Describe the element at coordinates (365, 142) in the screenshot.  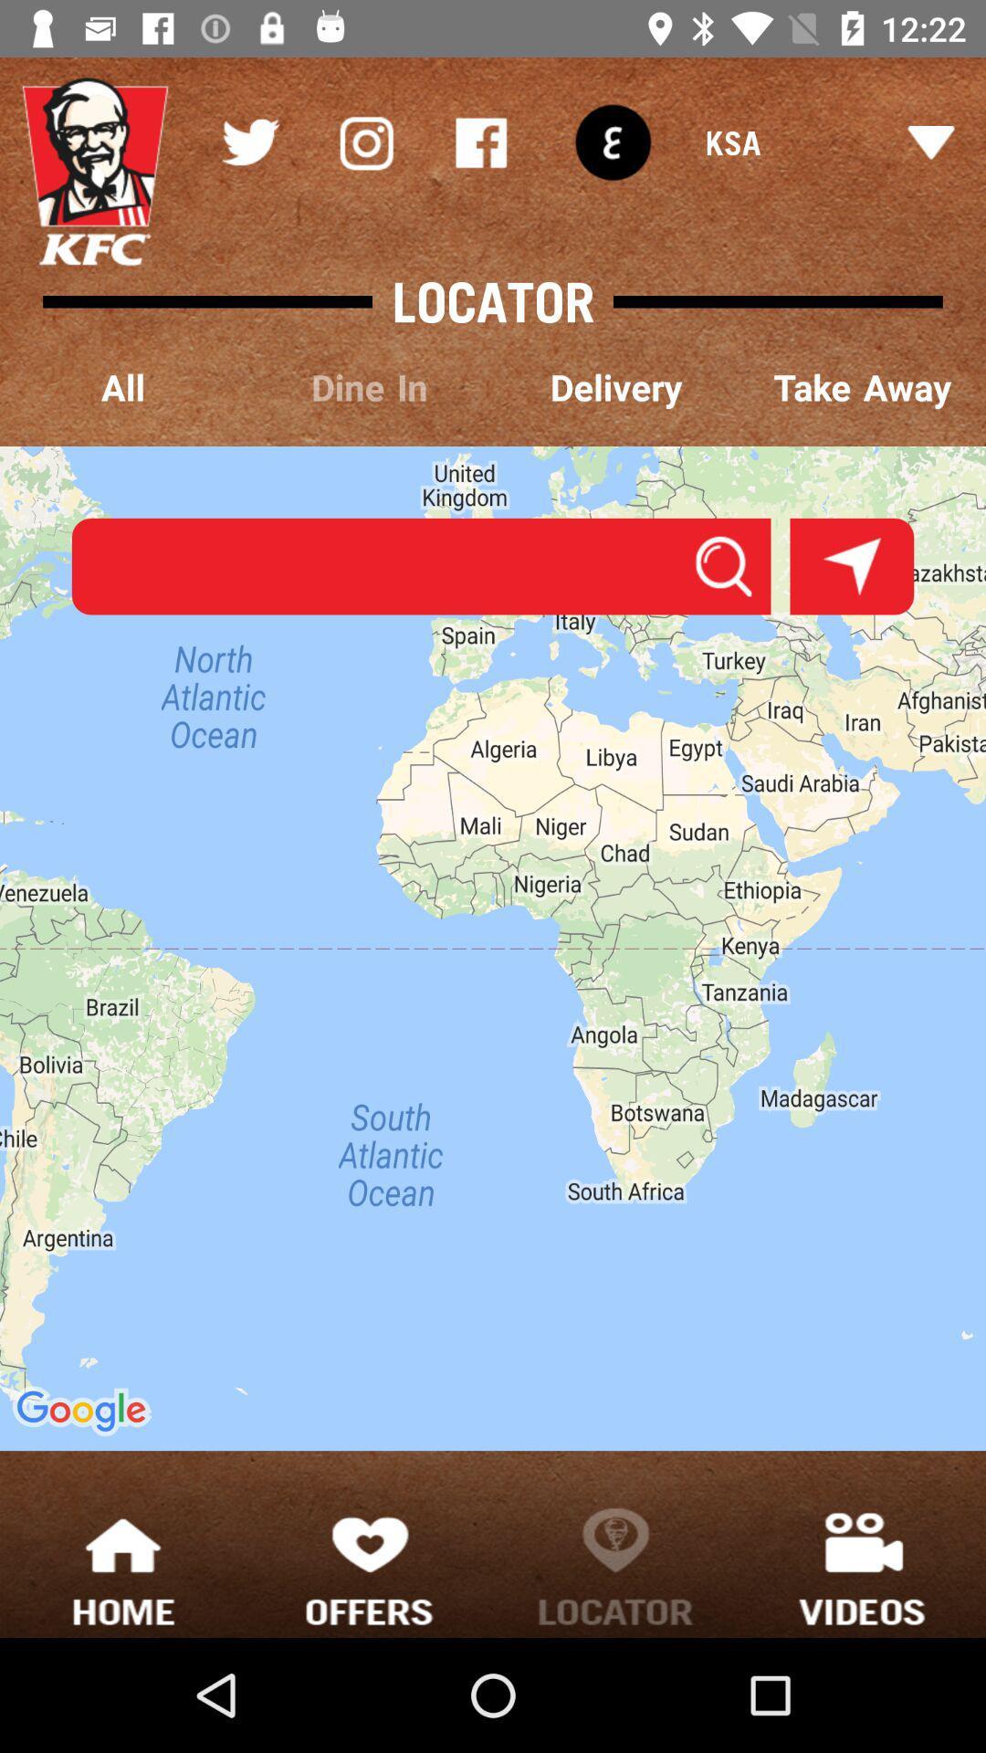
I see `the photo icon` at that location.